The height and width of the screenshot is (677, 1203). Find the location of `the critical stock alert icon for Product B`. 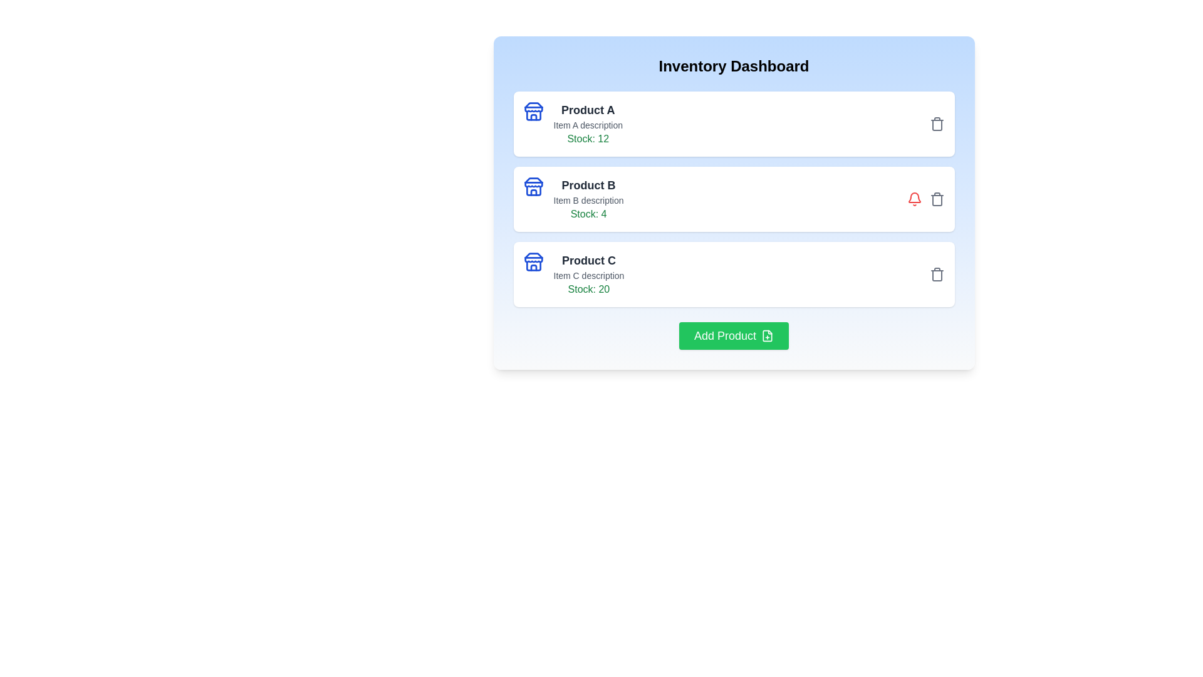

the critical stock alert icon for Product B is located at coordinates (914, 198).